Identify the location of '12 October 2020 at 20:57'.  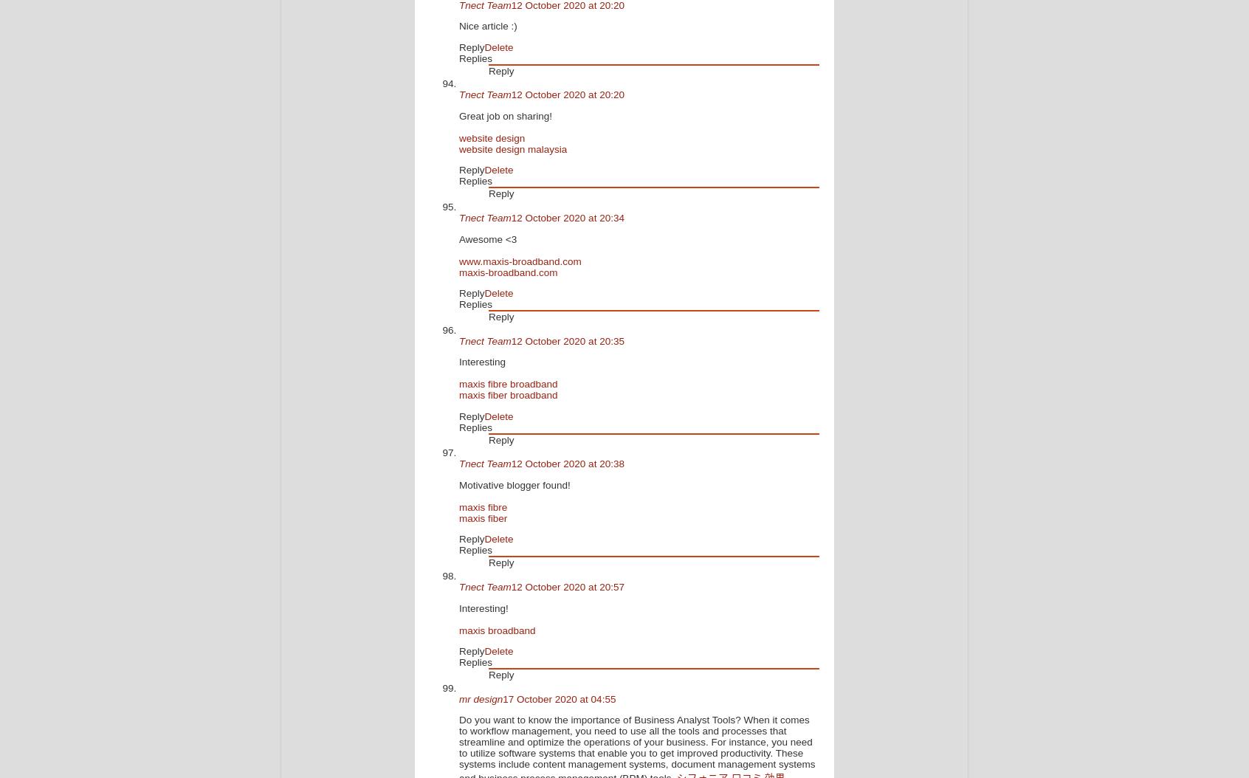
(511, 586).